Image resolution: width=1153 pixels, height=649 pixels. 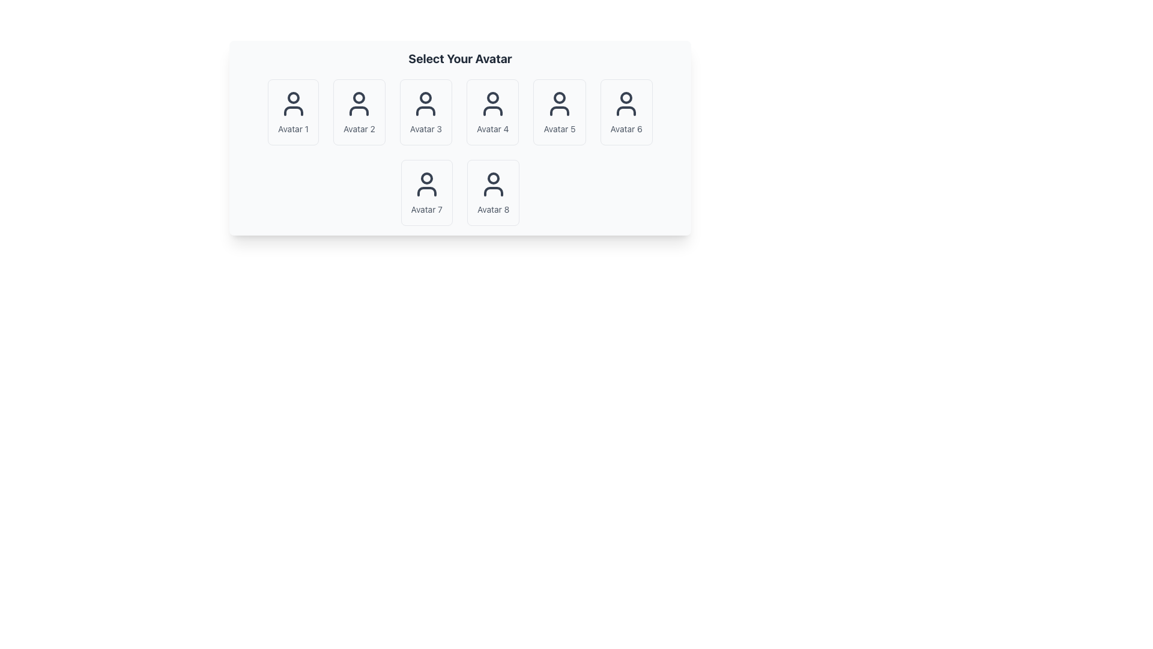 I want to click on the circular graphic component embedded within the 6th avatar icon in the grid layout, so click(x=626, y=97).